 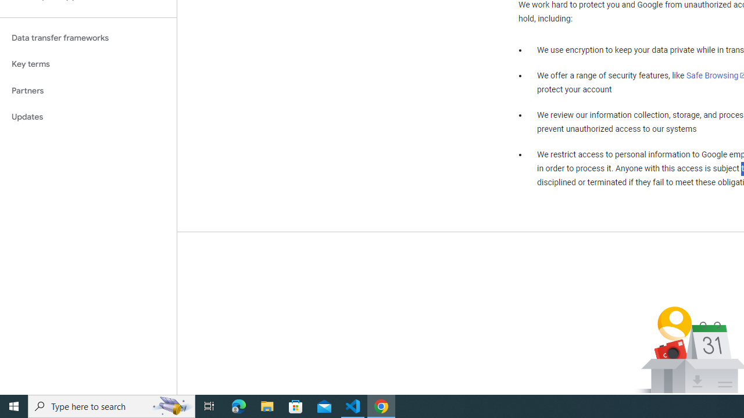 I want to click on 'Data transfer frameworks', so click(x=88, y=37).